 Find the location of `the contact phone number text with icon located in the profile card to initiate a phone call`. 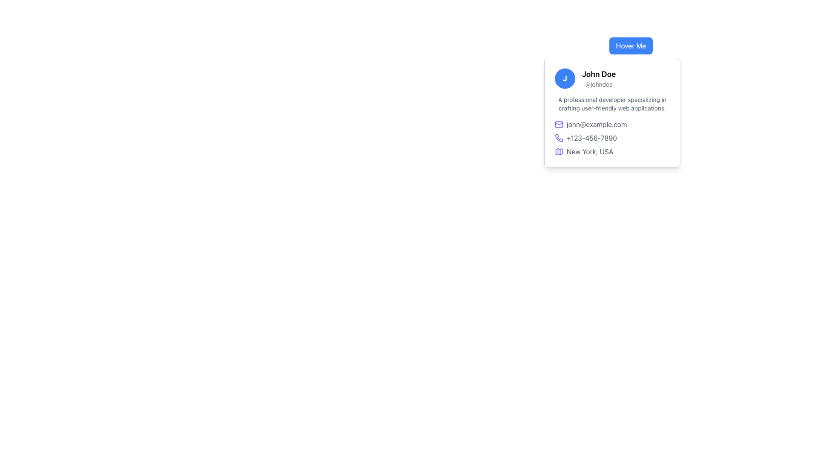

the contact phone number text with icon located in the profile card to initiate a phone call is located at coordinates (612, 137).